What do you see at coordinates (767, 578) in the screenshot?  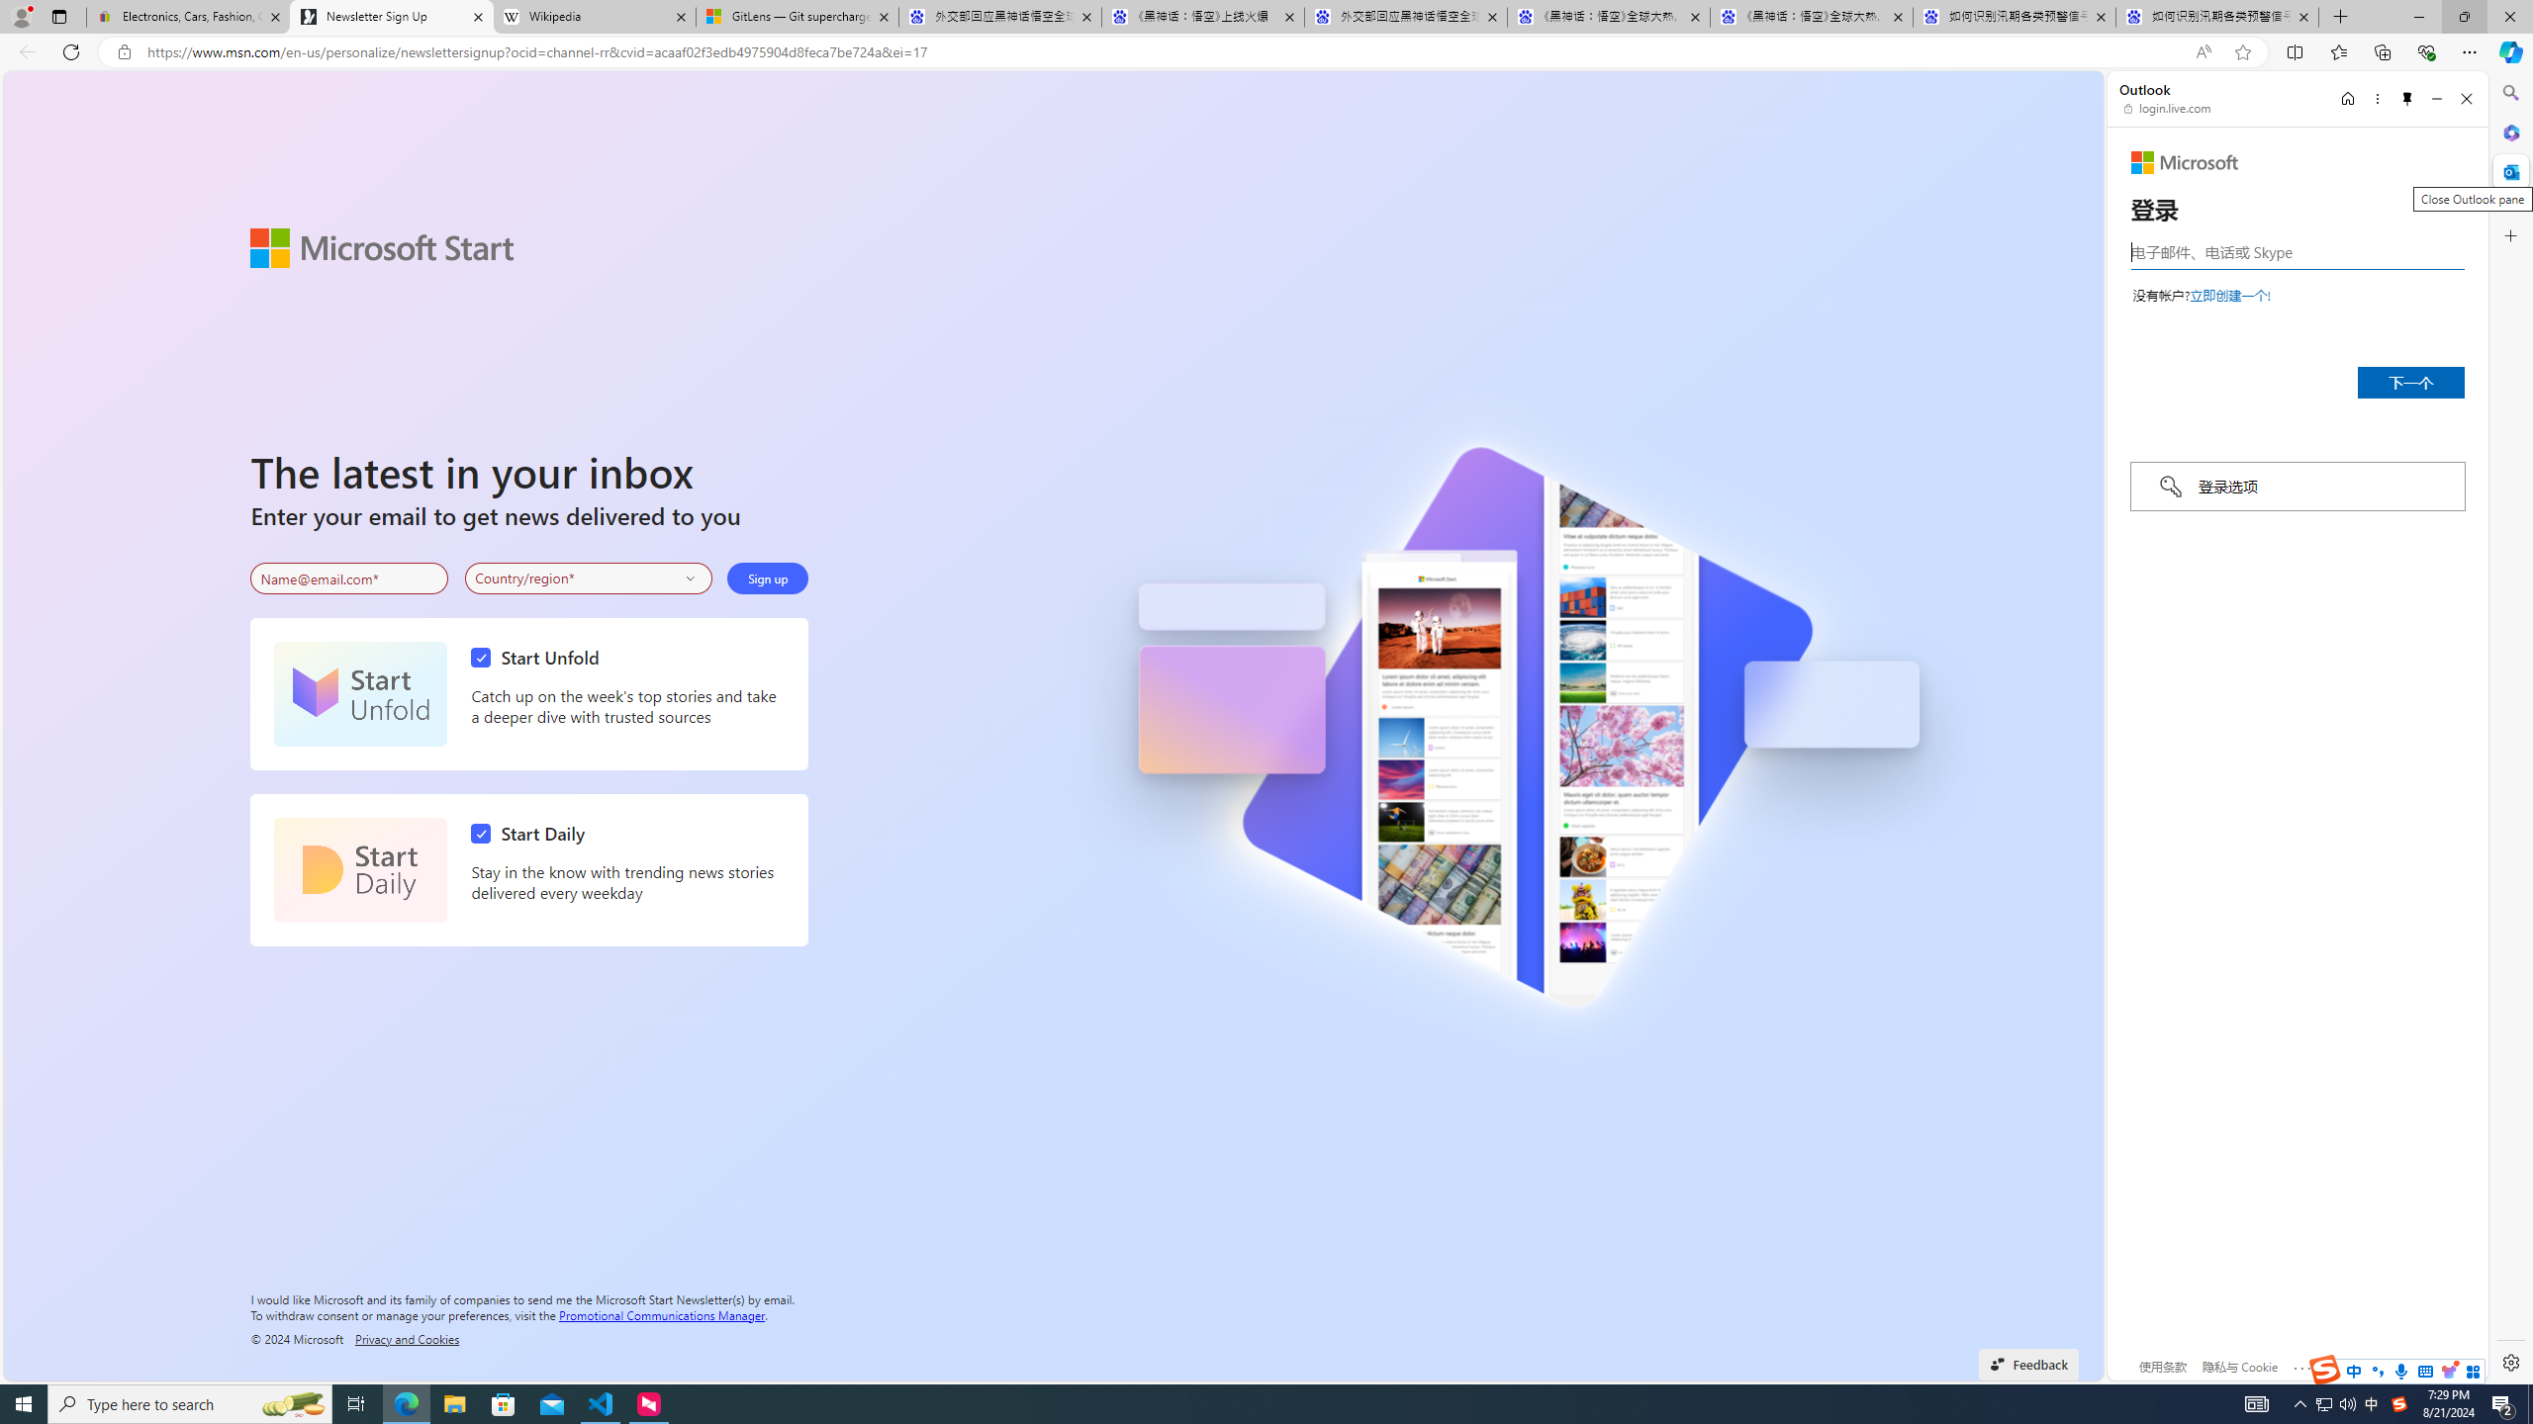 I see `'Sign up'` at bounding box center [767, 578].